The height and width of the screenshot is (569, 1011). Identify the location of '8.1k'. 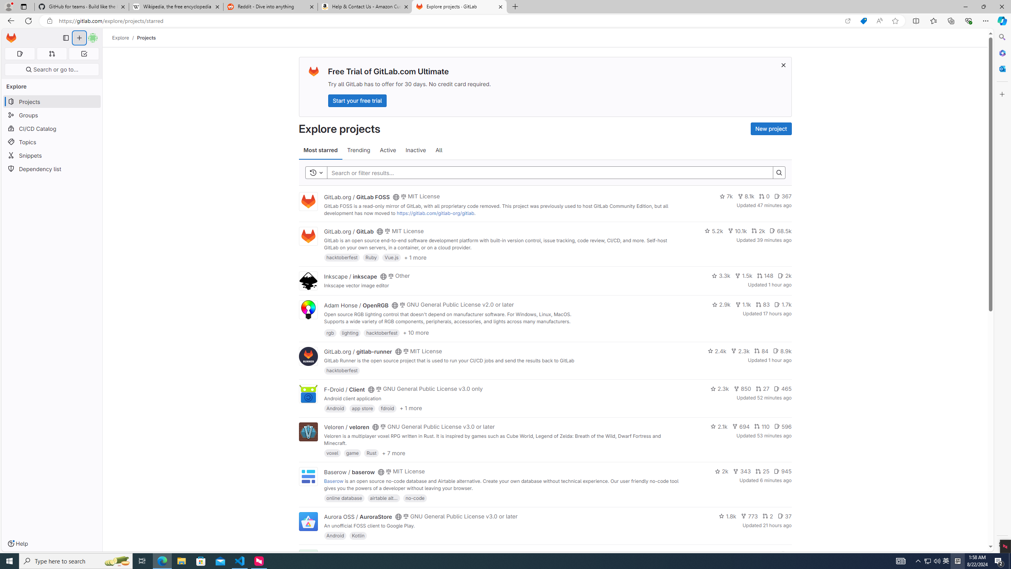
(745, 196).